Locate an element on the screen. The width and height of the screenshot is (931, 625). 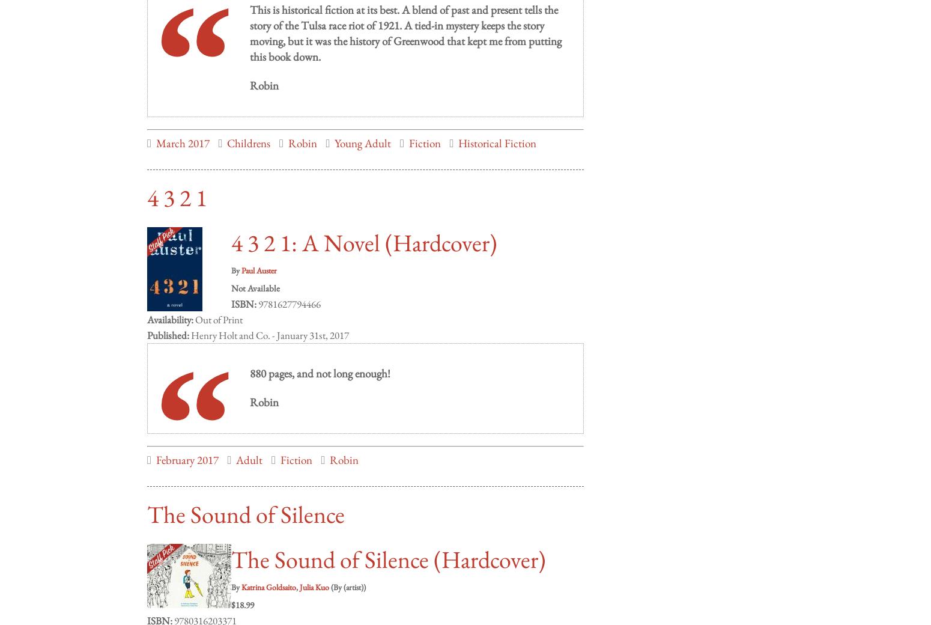
'9781627794466' is located at coordinates (288, 291).